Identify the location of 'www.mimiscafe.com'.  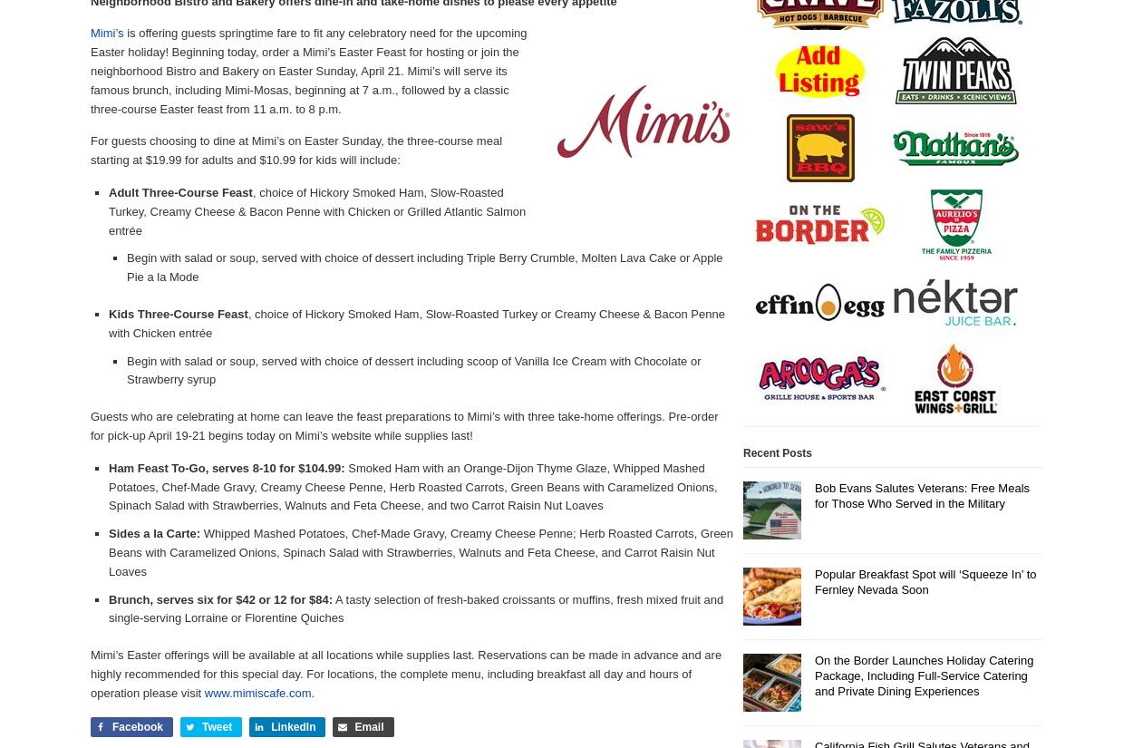
(257, 691).